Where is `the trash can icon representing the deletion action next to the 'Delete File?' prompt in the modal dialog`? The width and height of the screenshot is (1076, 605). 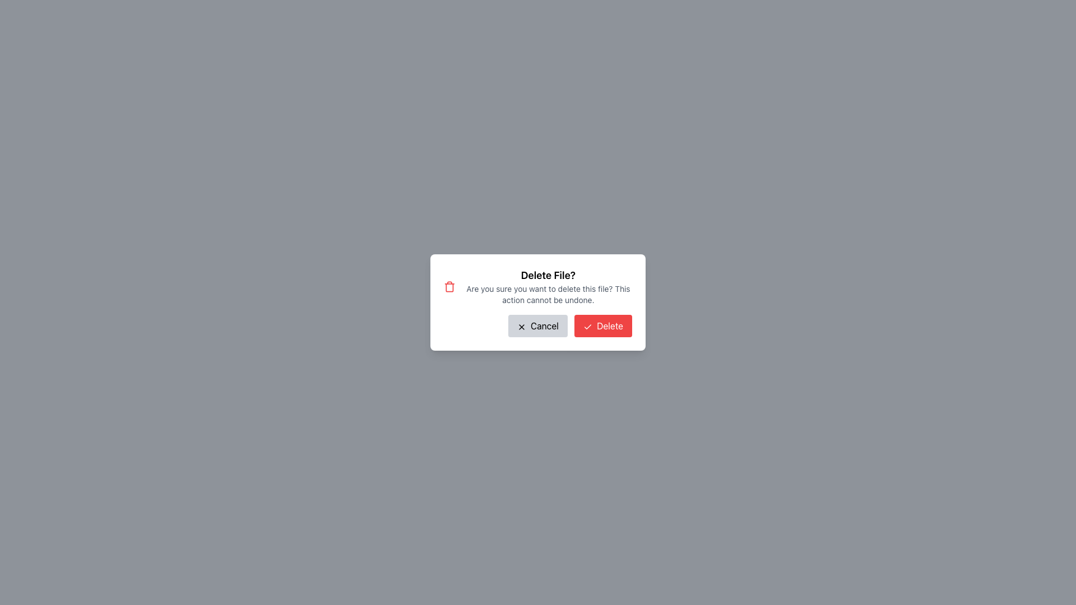 the trash can icon representing the deletion action next to the 'Delete File?' prompt in the modal dialog is located at coordinates (449, 287).